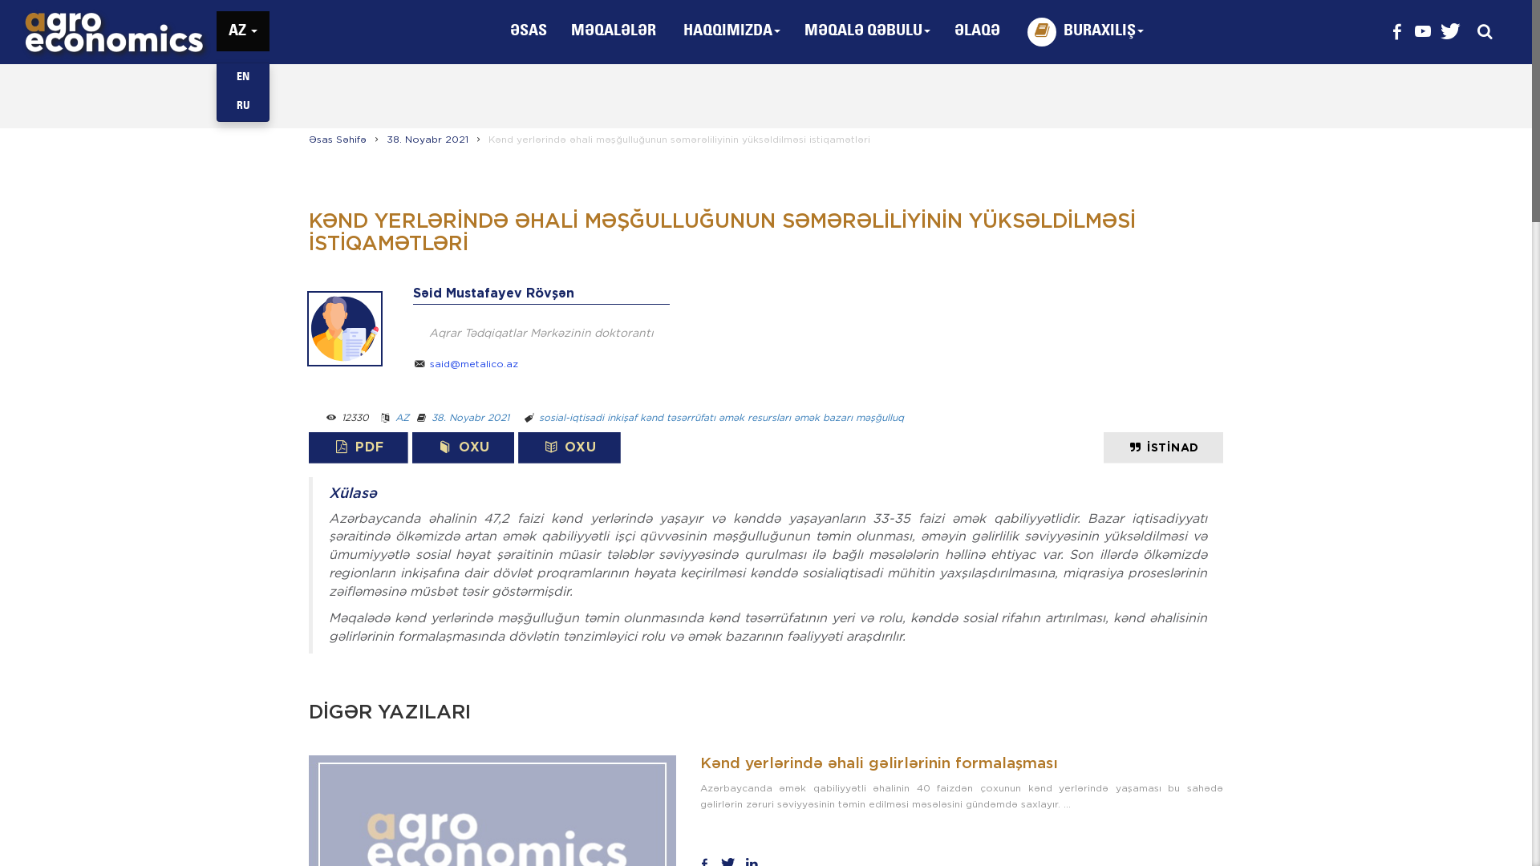  Describe the element at coordinates (241, 77) in the screenshot. I see `'EN'` at that location.